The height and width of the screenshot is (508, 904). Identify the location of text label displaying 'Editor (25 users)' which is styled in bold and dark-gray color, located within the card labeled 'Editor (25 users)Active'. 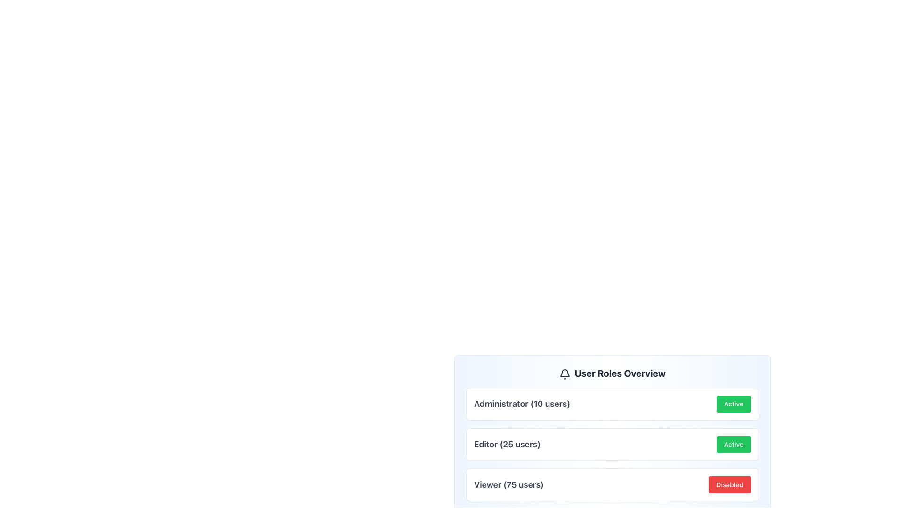
(507, 444).